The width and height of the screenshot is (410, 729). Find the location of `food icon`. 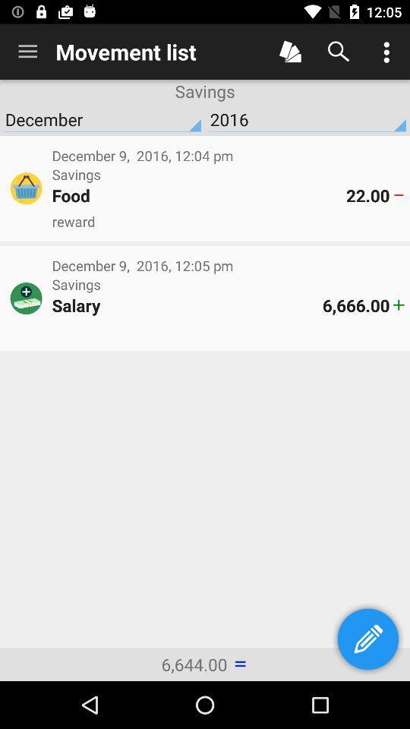

food icon is located at coordinates (199, 194).